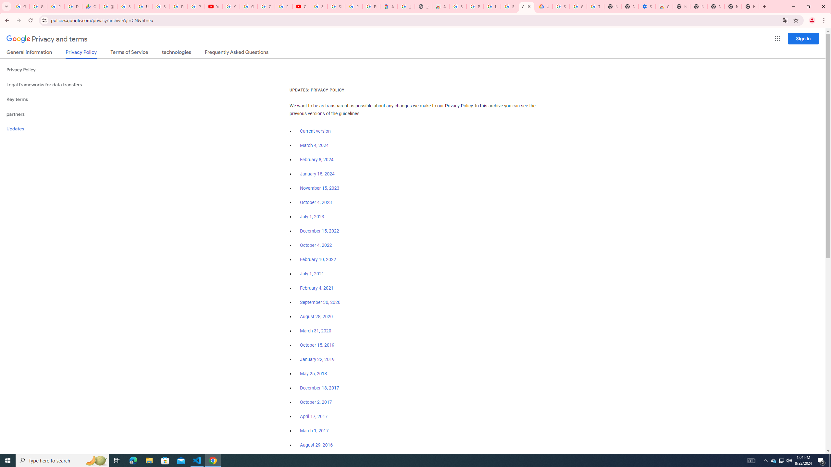  What do you see at coordinates (316, 160) in the screenshot?
I see `'February 8, 2024'` at bounding box center [316, 160].